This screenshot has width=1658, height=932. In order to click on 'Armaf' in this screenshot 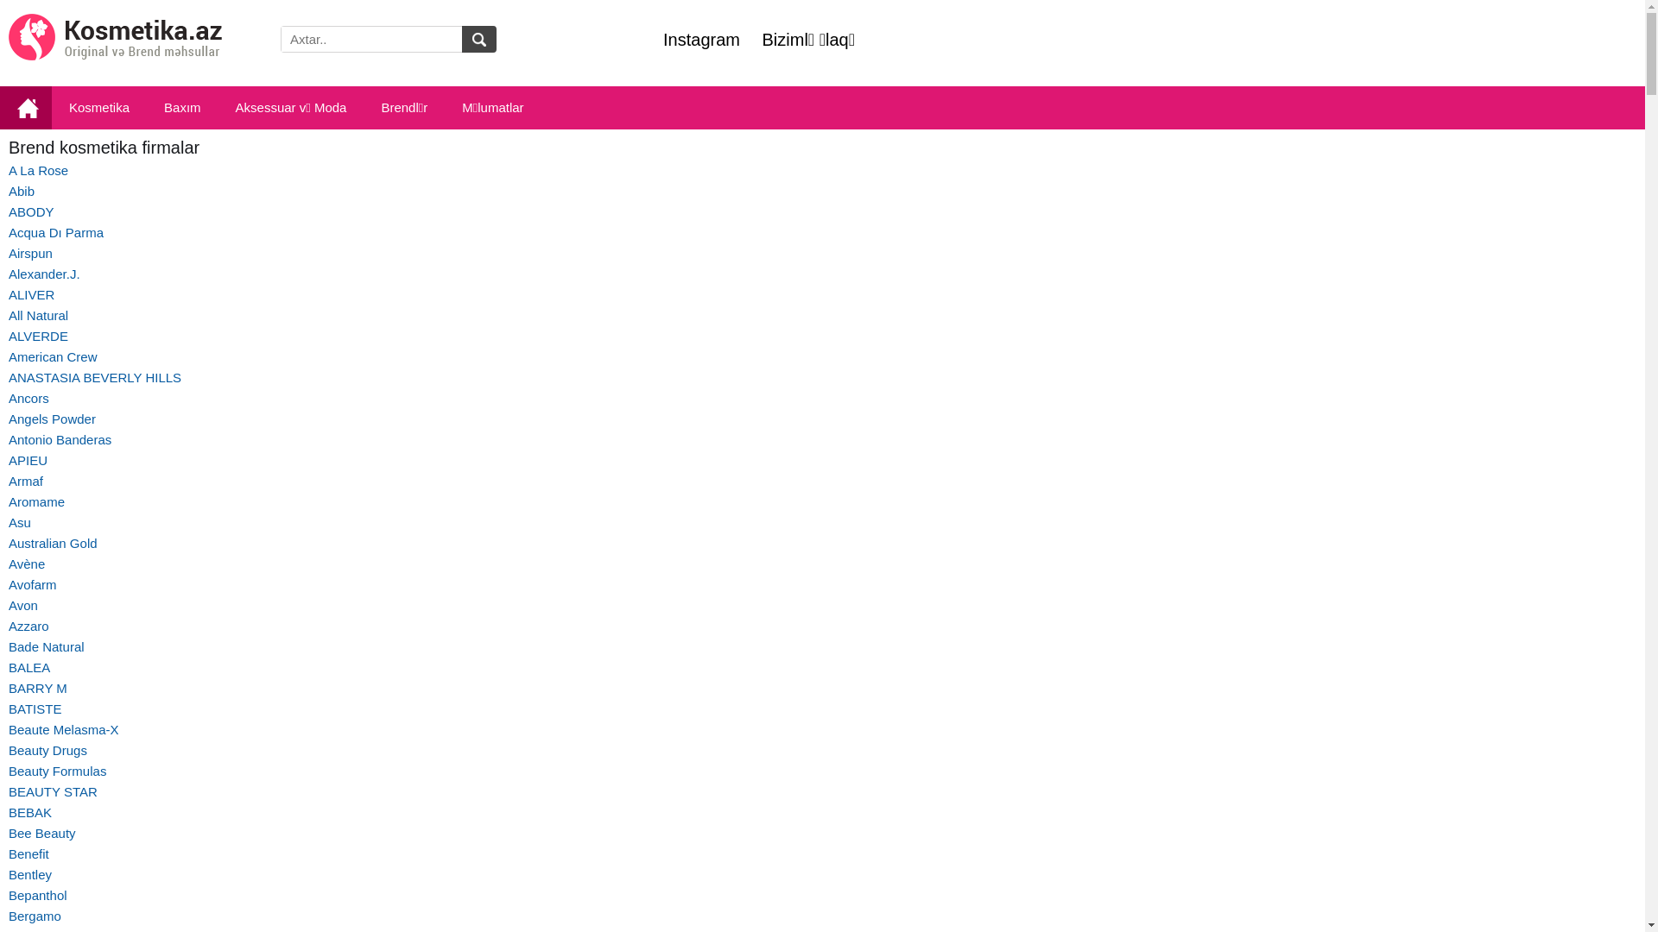, I will do `click(25, 481)`.